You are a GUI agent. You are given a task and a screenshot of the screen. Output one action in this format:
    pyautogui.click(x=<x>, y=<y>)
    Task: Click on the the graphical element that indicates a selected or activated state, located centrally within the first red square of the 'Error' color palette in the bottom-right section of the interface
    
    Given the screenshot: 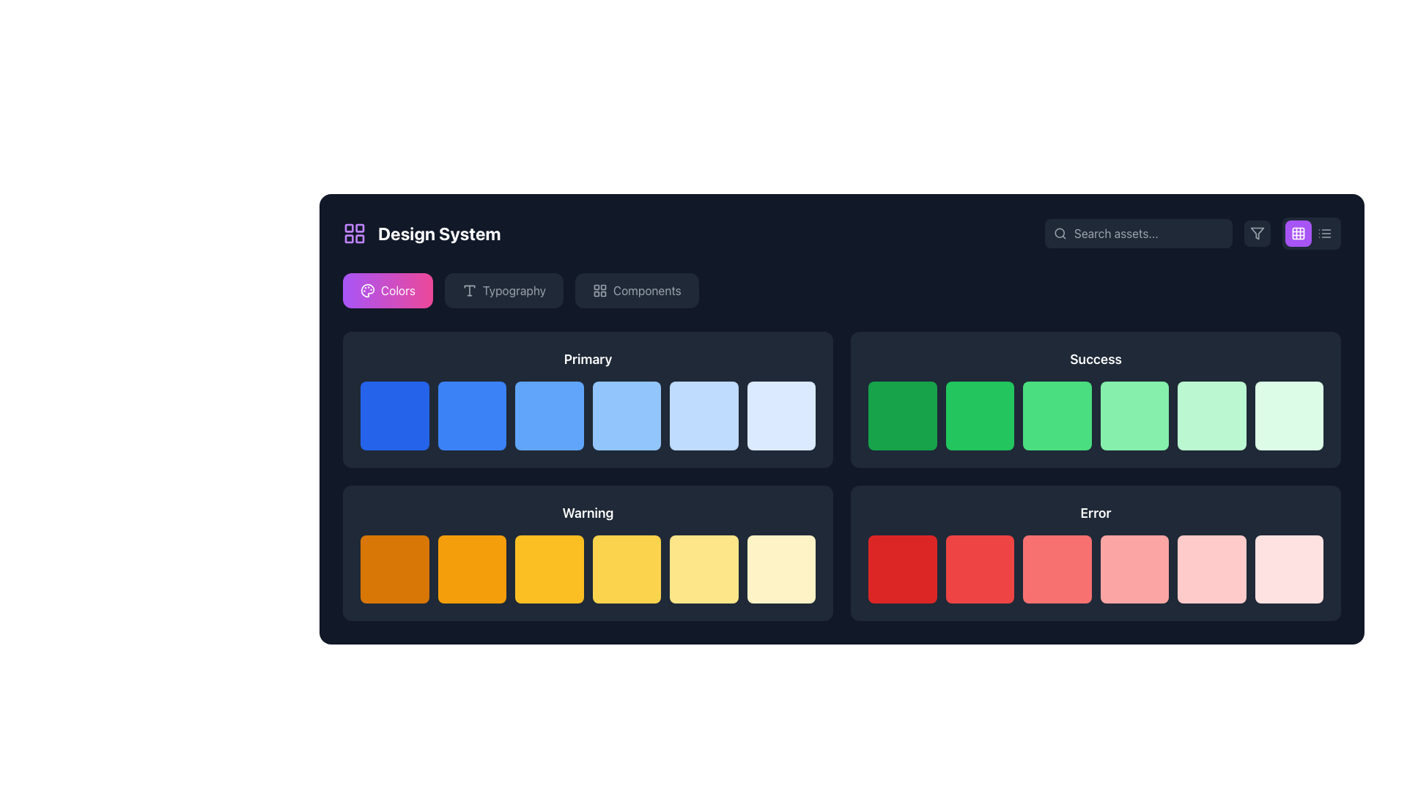 What is the action you would take?
    pyautogui.click(x=904, y=570)
    